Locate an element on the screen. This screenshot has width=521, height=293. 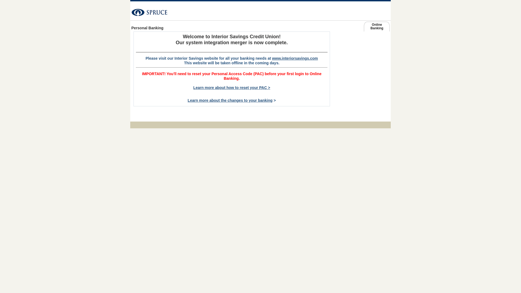
'Online Banking' is located at coordinates (376, 27).